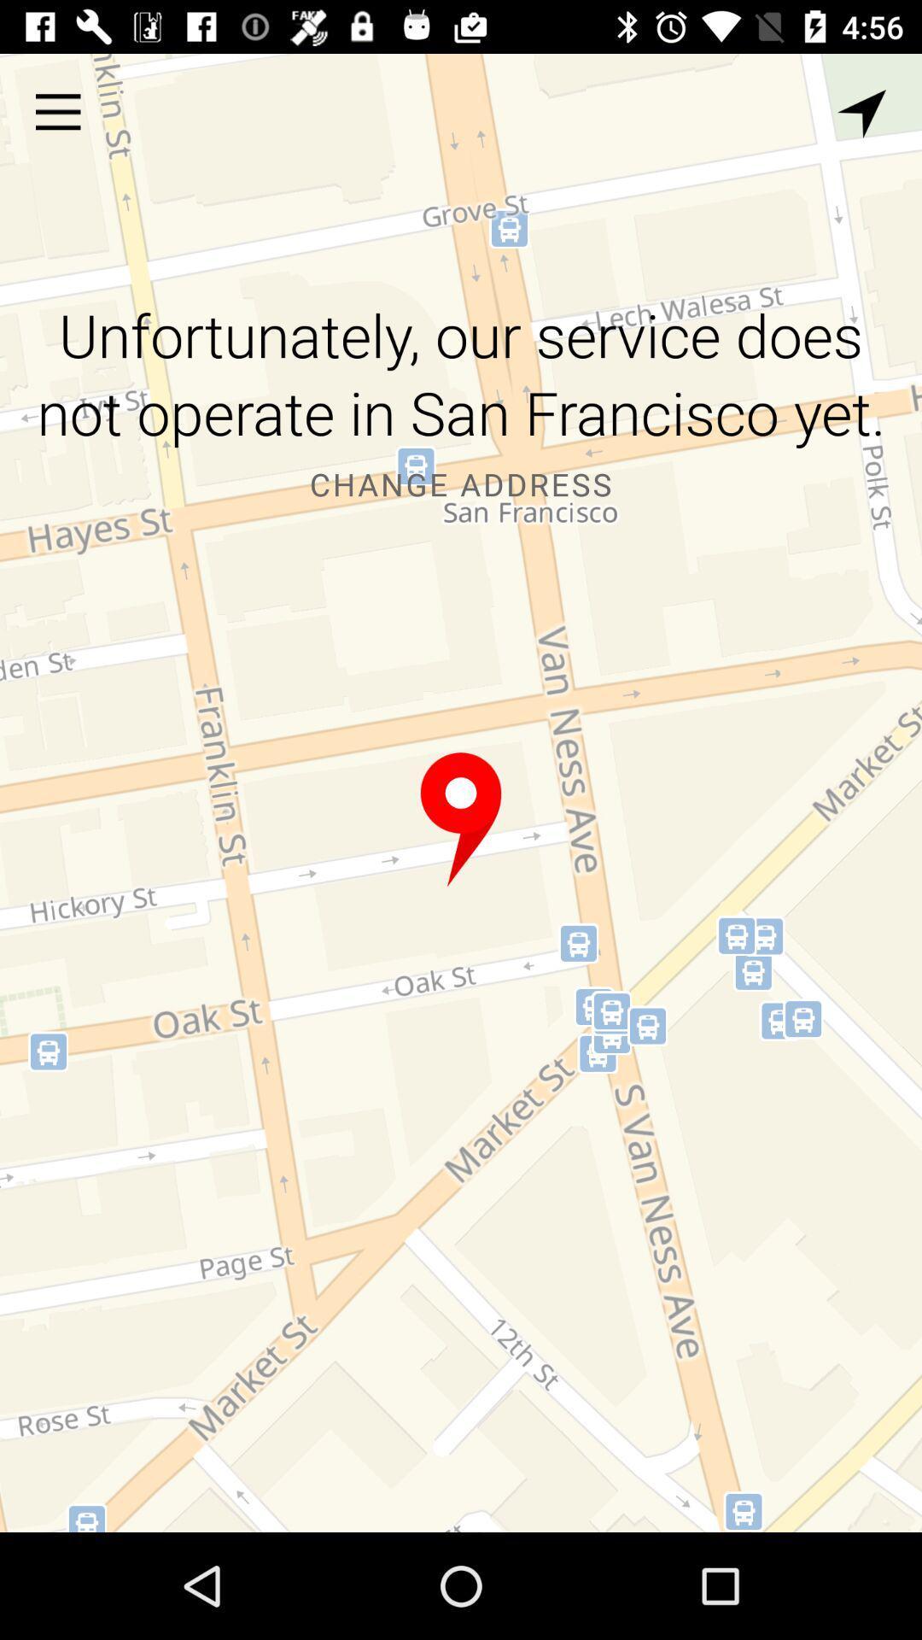 The height and width of the screenshot is (1640, 922). Describe the element at coordinates (57, 111) in the screenshot. I see `click for full menu` at that location.